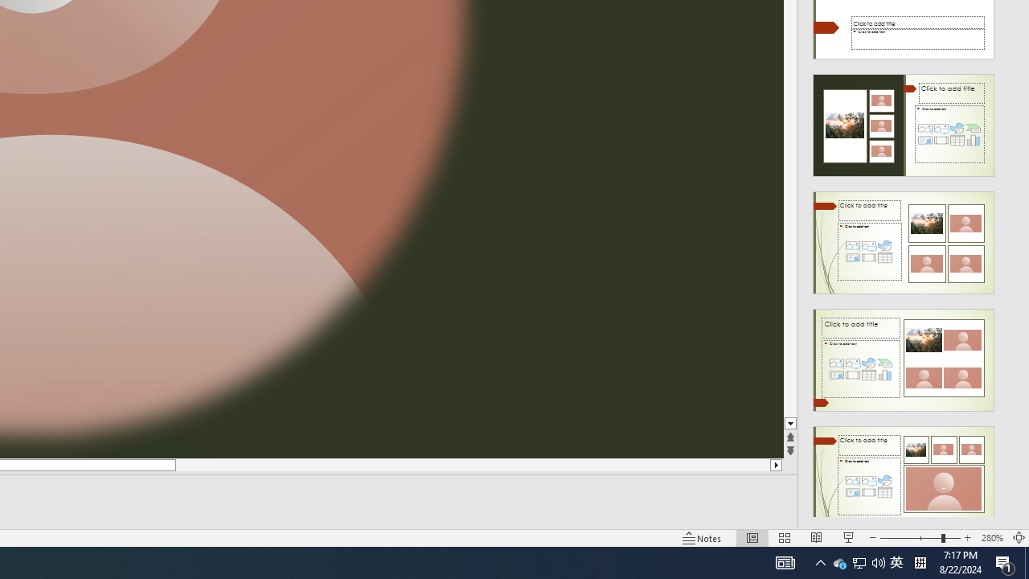 The width and height of the screenshot is (1029, 579). I want to click on 'Zoom In', so click(967, 538).